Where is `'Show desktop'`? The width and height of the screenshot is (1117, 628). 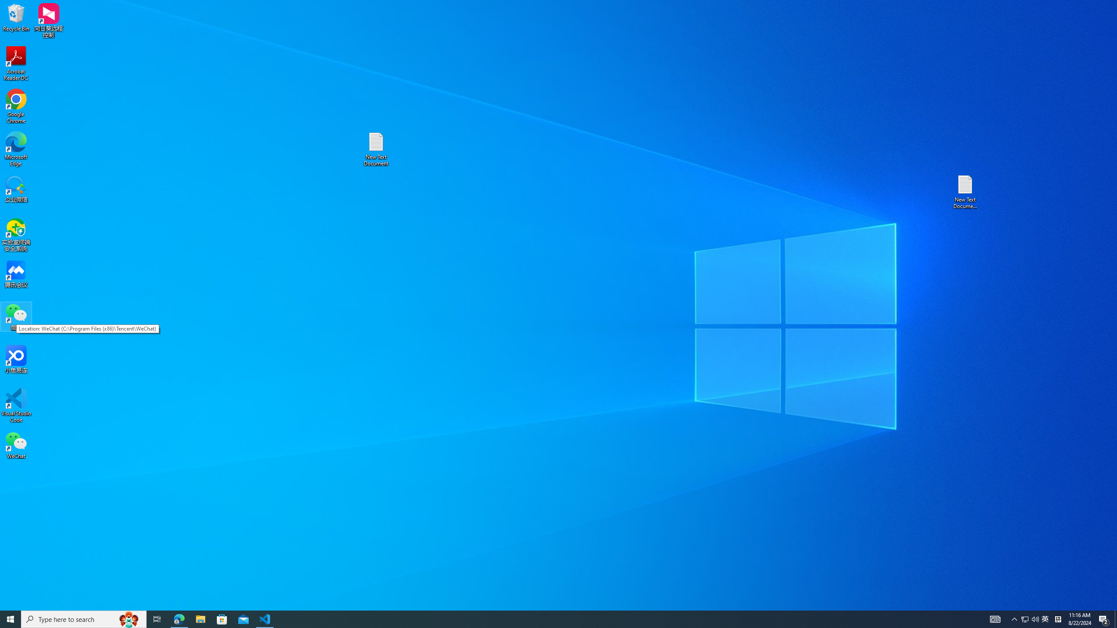 'Show desktop' is located at coordinates (1115, 618).